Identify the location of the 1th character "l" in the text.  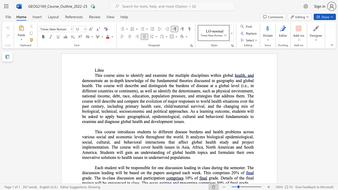
(150, 91).